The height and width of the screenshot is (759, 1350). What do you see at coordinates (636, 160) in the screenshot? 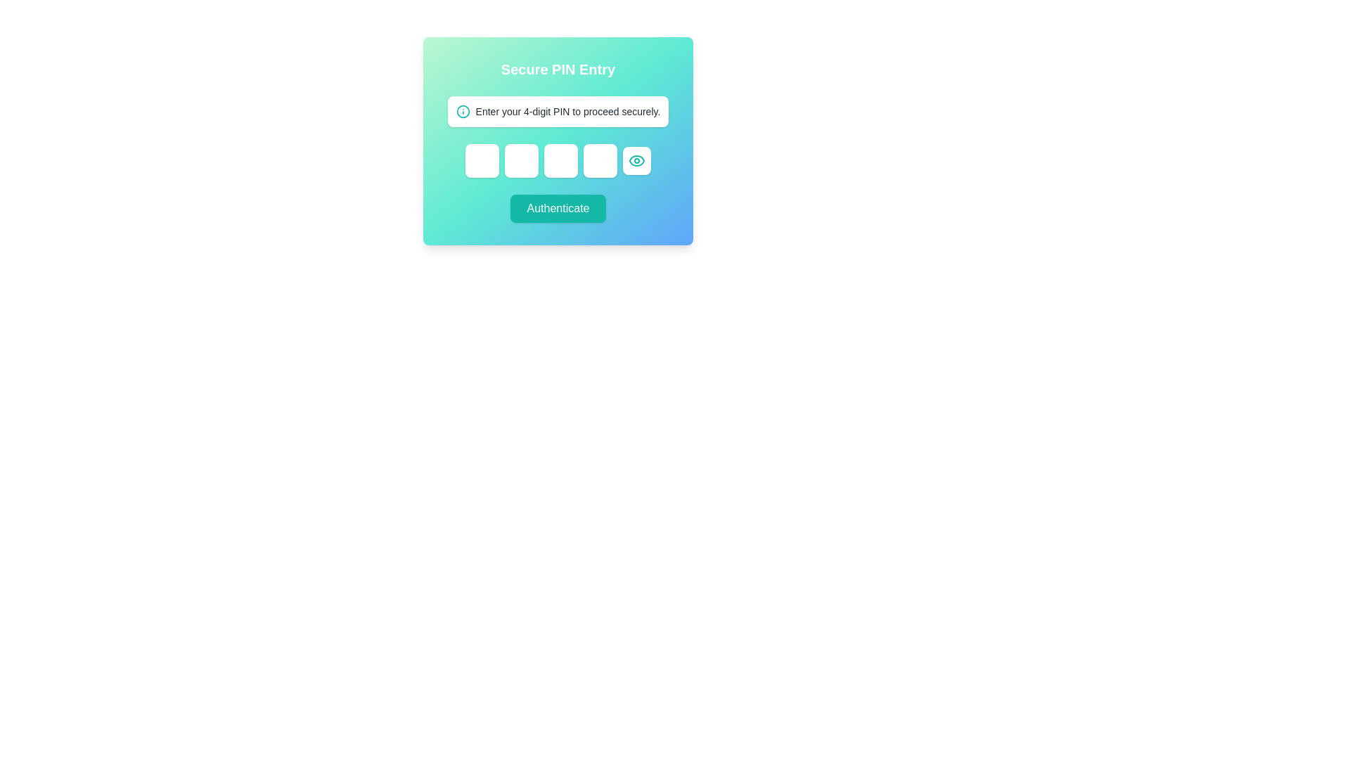
I see `the toggle visibility button for the entered PIN input, which is located to the right of the last PIN input field in the horizontal arrangement of PIN fields` at bounding box center [636, 160].